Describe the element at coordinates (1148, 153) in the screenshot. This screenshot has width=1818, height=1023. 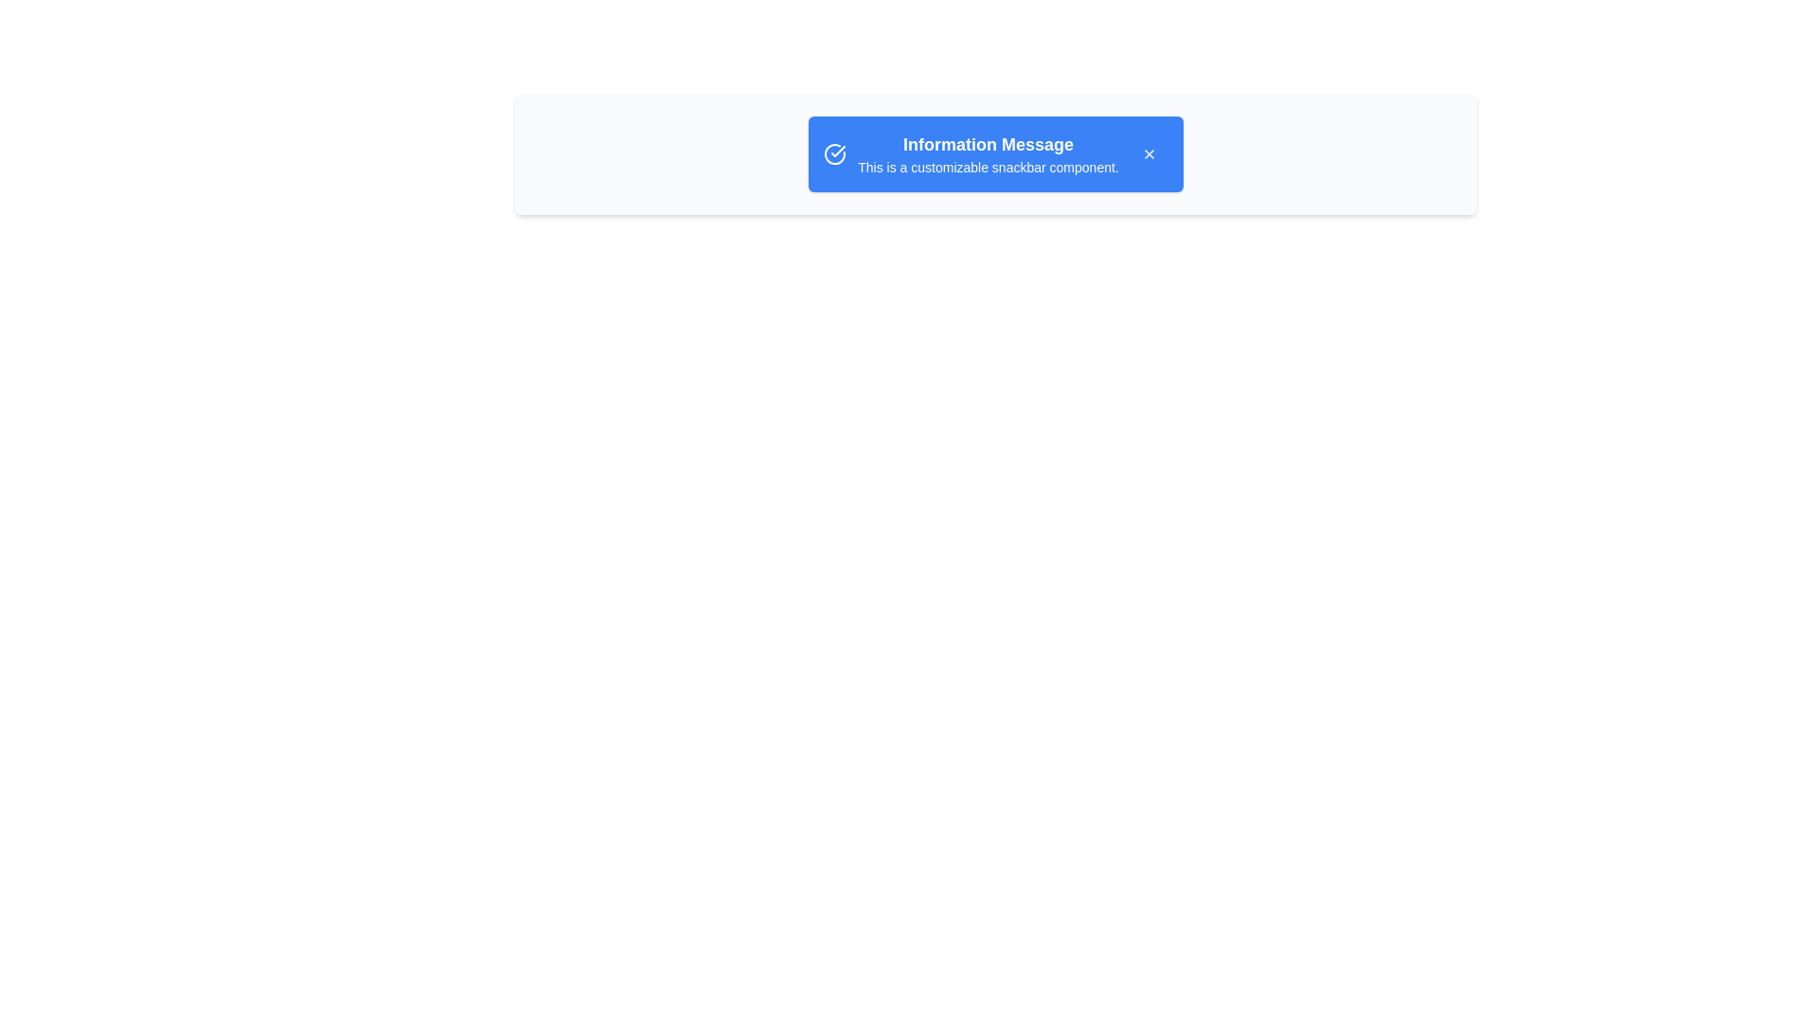
I see `the 'X' button to close the snackbar` at that location.